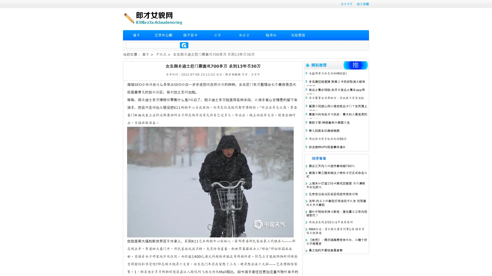 The width and height of the screenshot is (492, 276). What do you see at coordinates (184, 45) in the screenshot?
I see `Search` at bounding box center [184, 45].